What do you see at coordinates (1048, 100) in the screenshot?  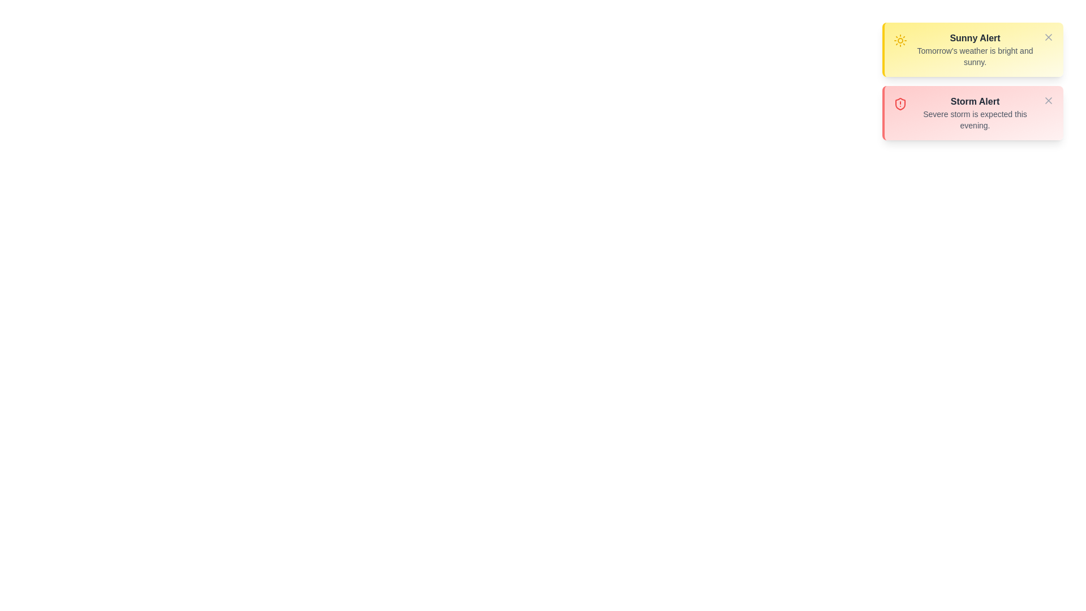 I see `the close button of the alert with the title Storm Alert` at bounding box center [1048, 100].